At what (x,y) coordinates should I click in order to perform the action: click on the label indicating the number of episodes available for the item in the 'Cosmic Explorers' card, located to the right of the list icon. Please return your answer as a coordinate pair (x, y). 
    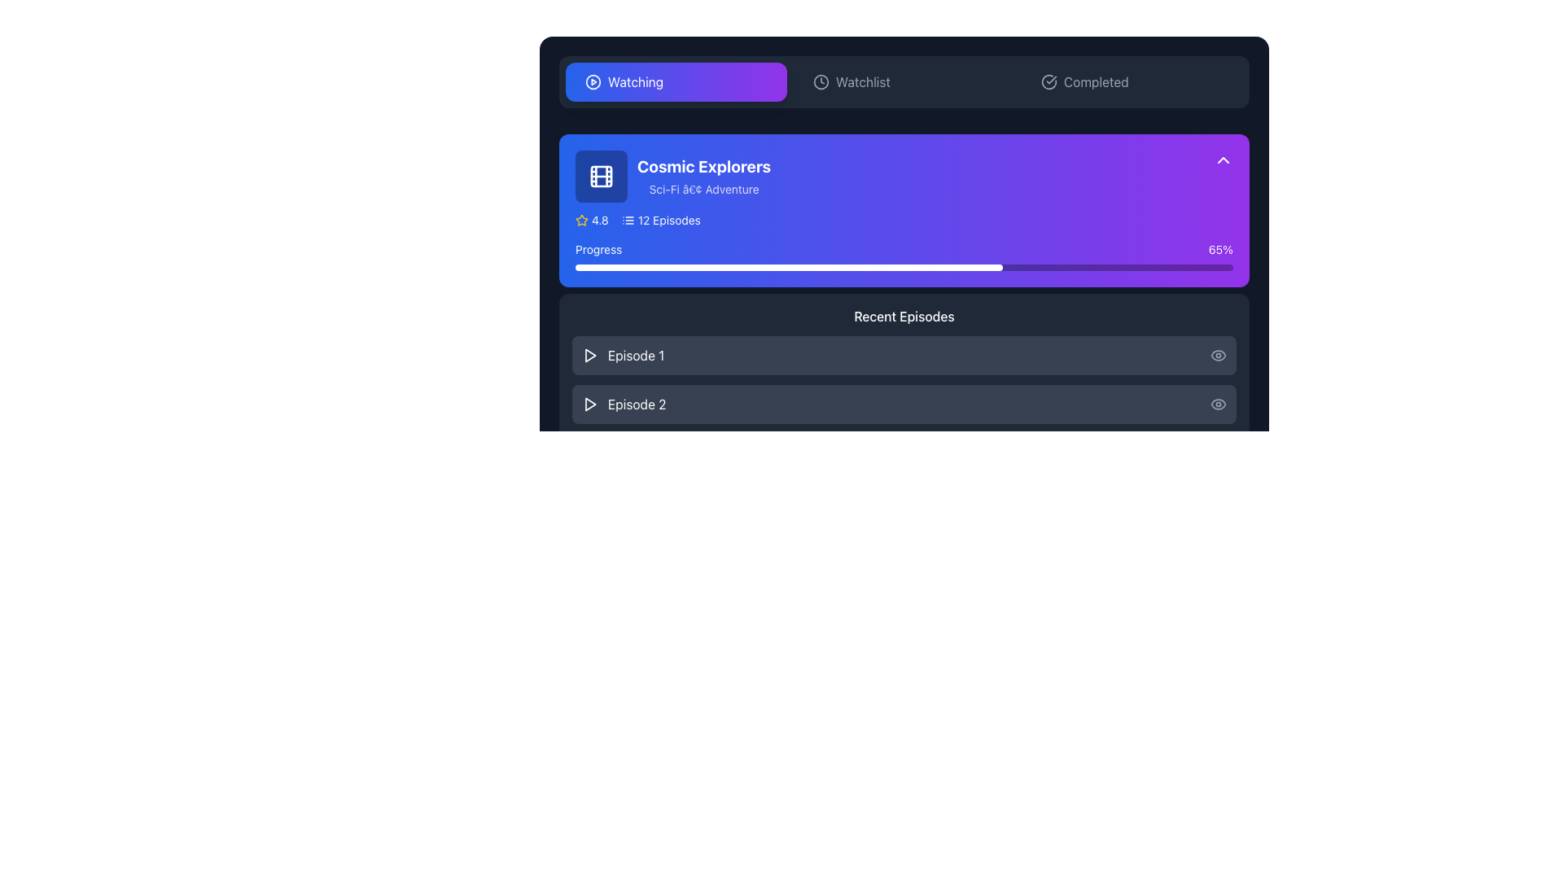
    Looking at the image, I should click on (669, 220).